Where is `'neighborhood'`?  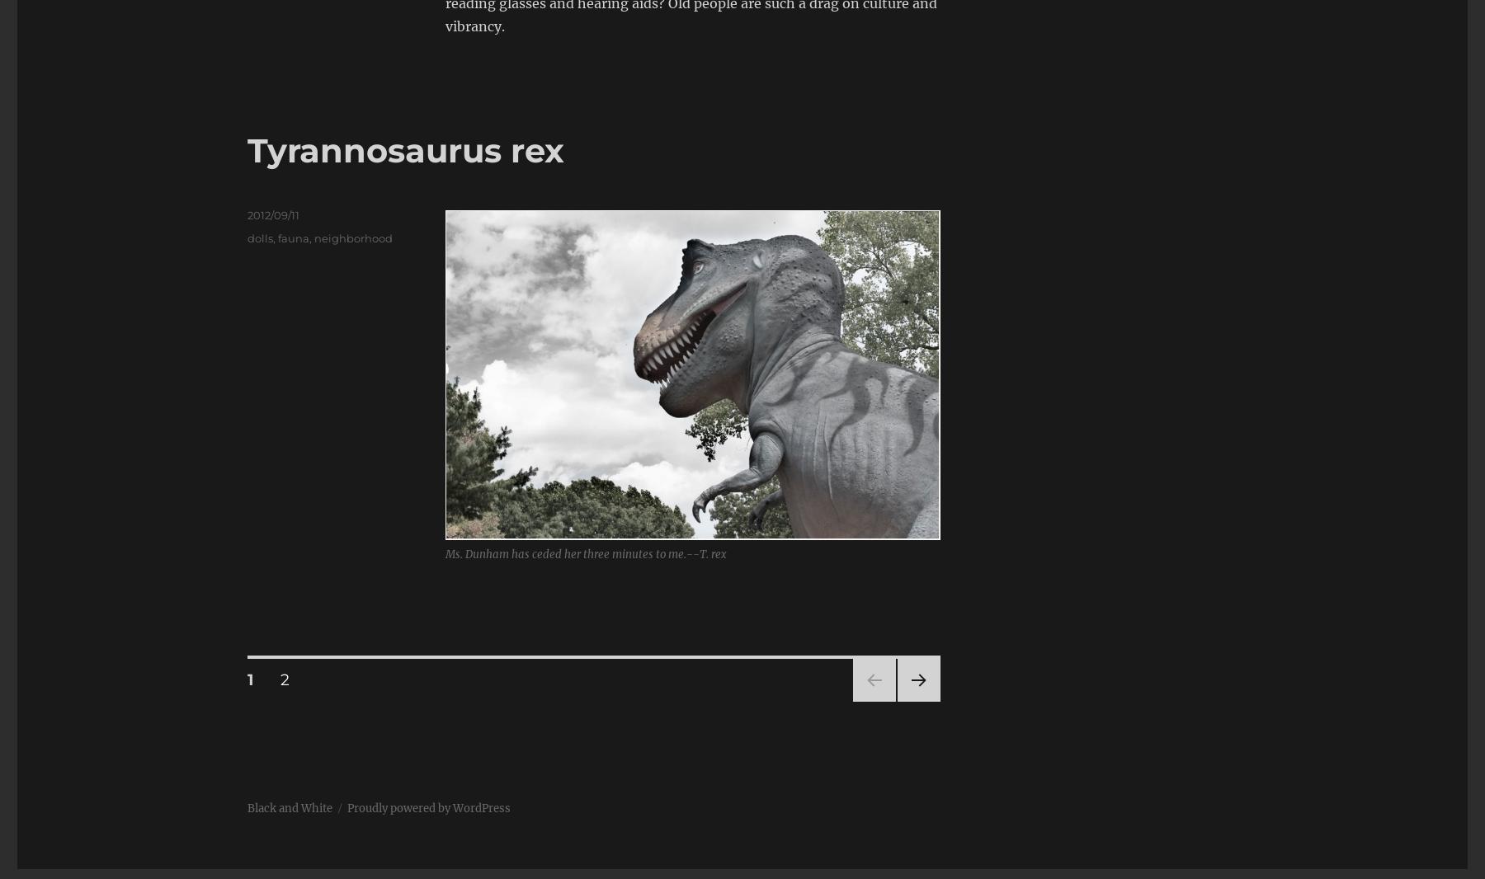 'neighborhood' is located at coordinates (353, 237).